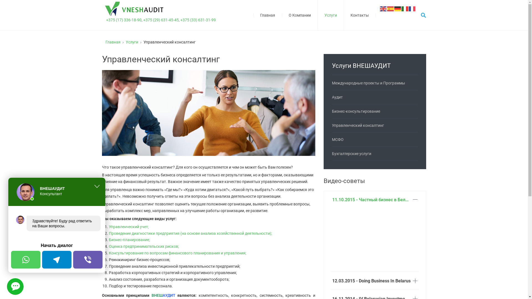 This screenshot has height=299, width=532. What do you see at coordinates (25, 259) in the screenshot?
I see `'WhatsApp'` at bounding box center [25, 259].